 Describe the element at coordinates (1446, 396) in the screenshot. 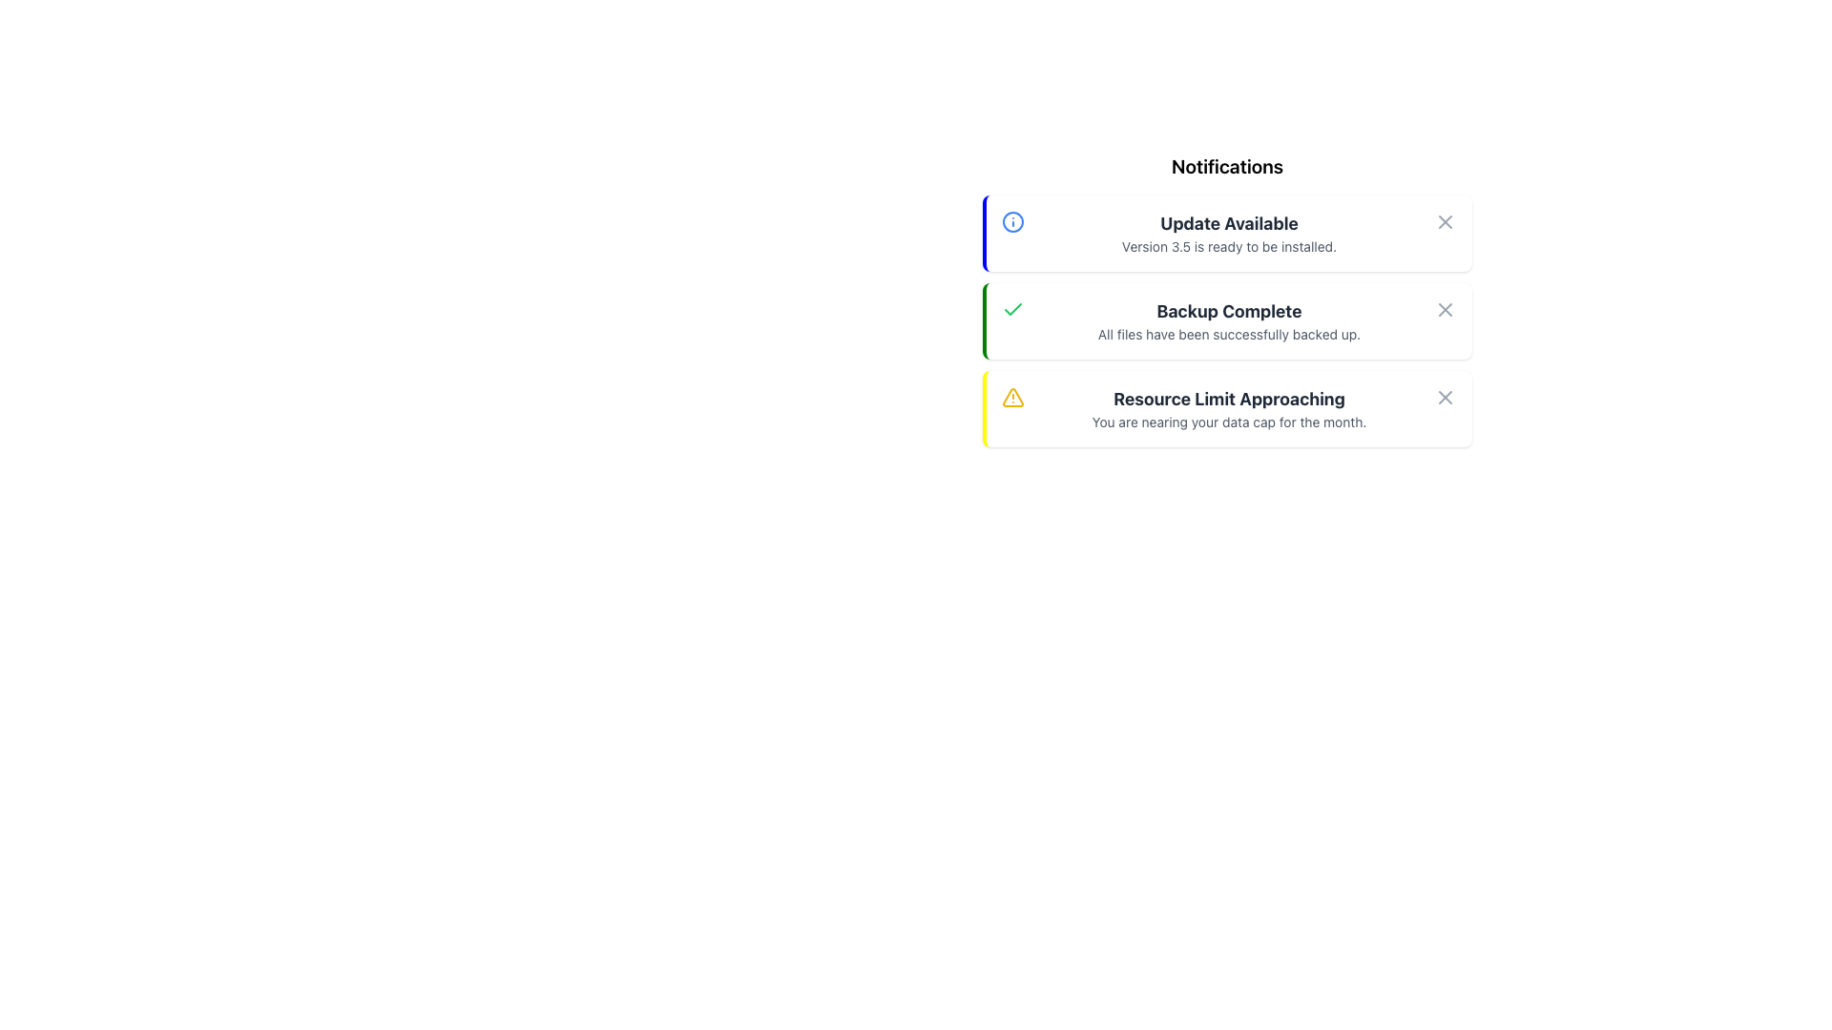

I see `the cross (X) icon located in the second notification card that indicates the ability to dismiss or close the notification with text 'Backup Complete'` at that location.